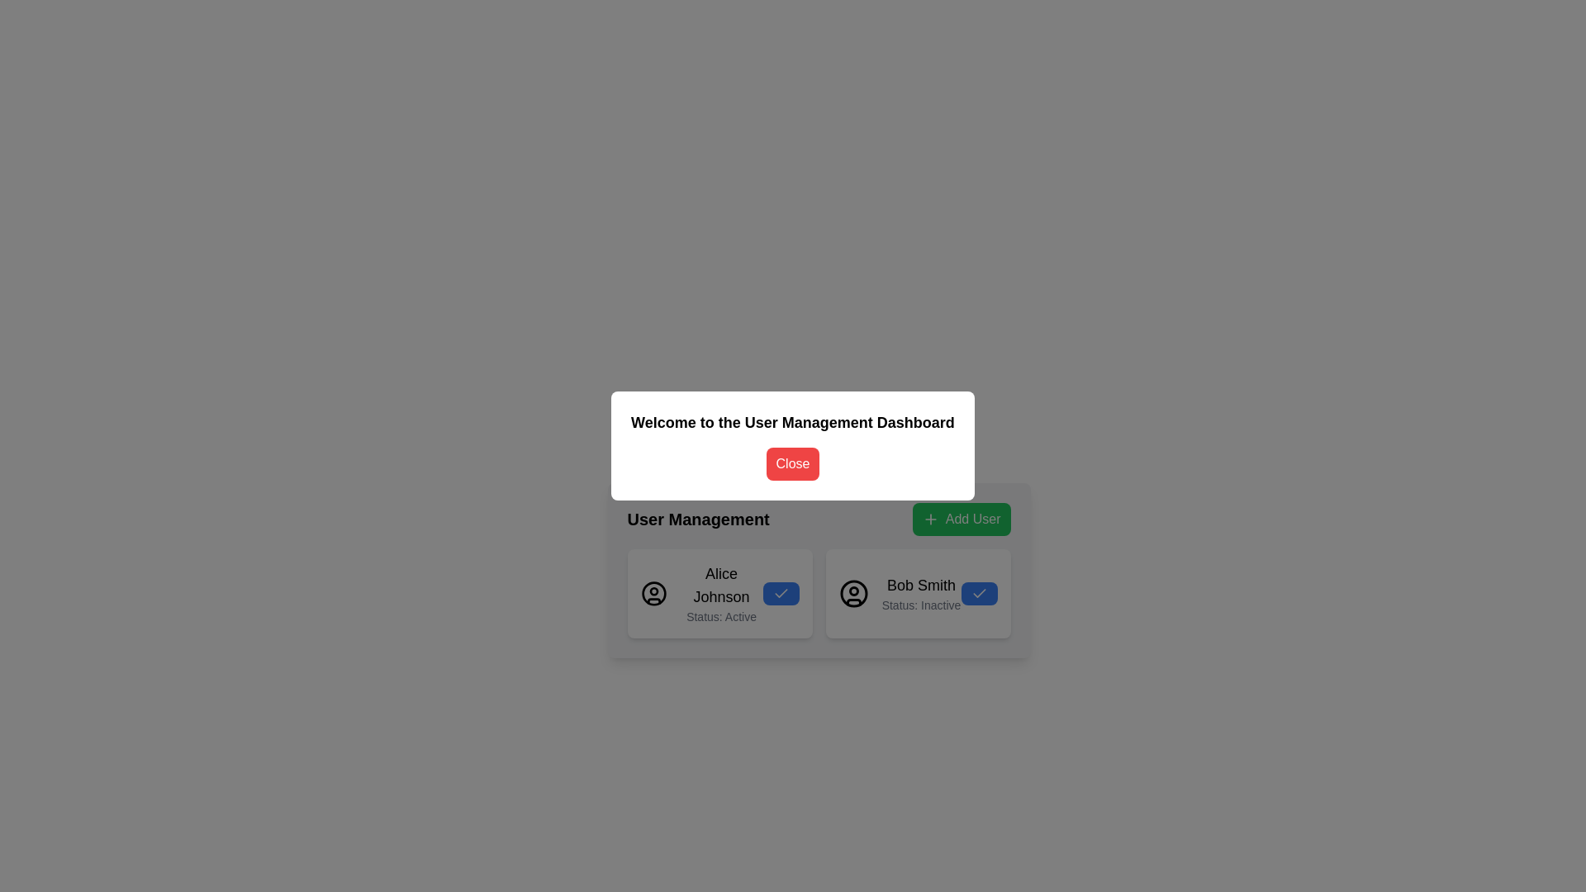  Describe the element at coordinates (653, 592) in the screenshot. I see `the circular user avatar icon located in the left card of the User Management section, which is positioned above the text label 'Alice Johnson'` at that location.